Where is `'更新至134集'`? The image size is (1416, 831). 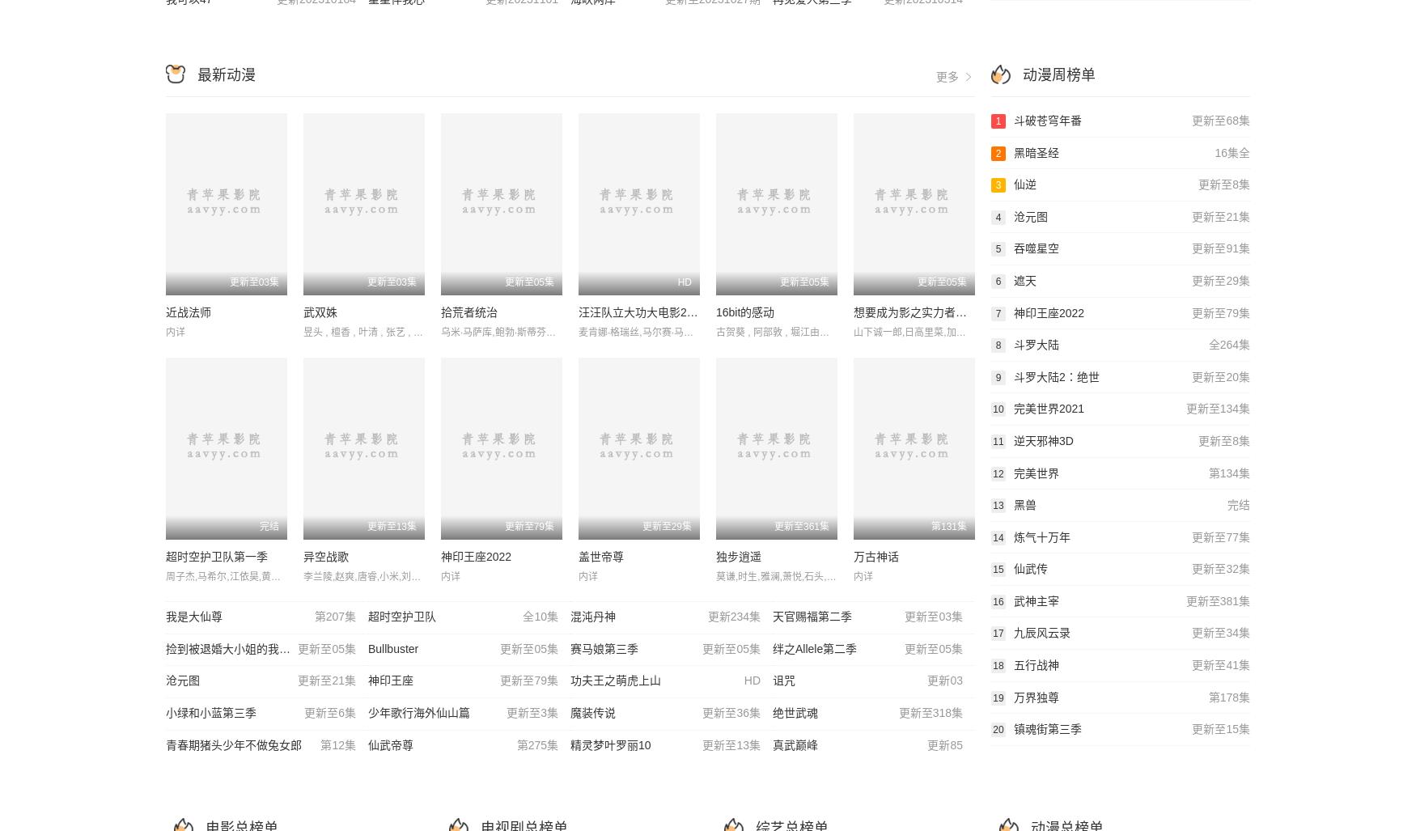
'更新至134集' is located at coordinates (1185, 408).